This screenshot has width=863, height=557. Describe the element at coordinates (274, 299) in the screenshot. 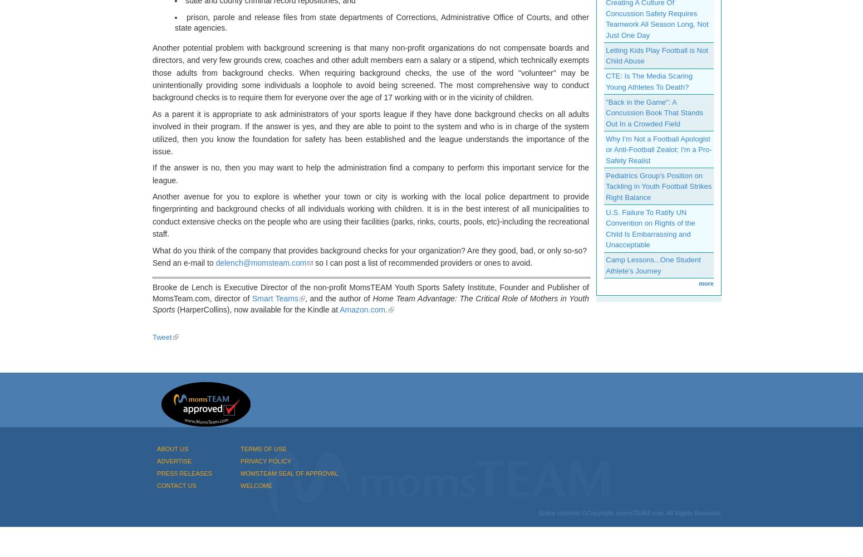

I see `'Smart Teams'` at that location.